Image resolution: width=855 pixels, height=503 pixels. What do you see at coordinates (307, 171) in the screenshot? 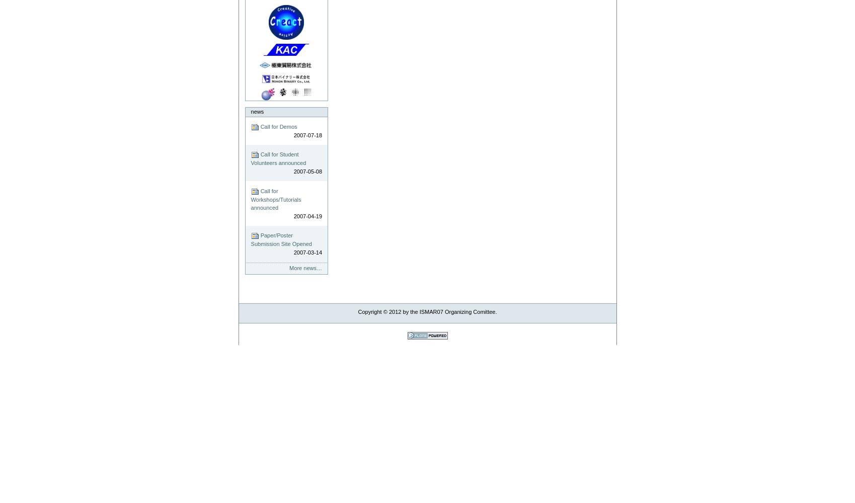
I see `'2007-05-08'` at bounding box center [307, 171].